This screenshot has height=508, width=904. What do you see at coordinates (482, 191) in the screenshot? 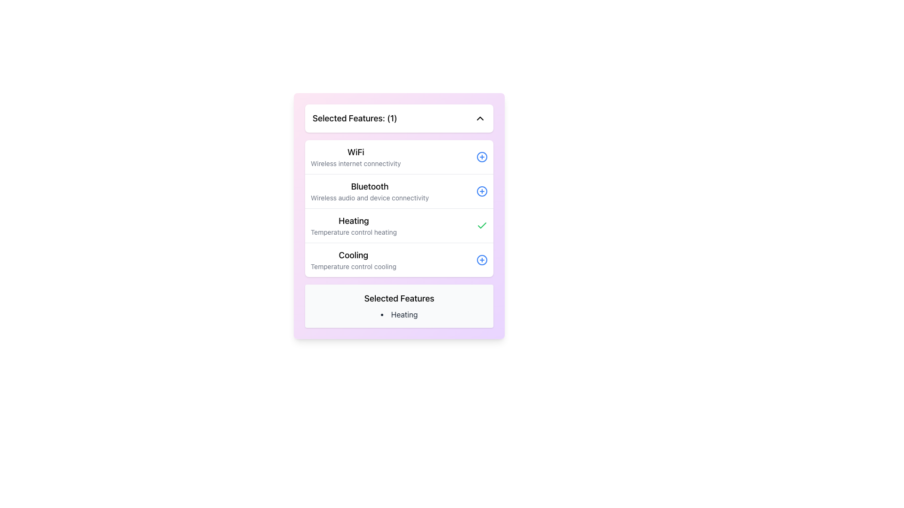
I see `the circular graphic element located in the Bluetooth feature row towards the right side of the card` at bounding box center [482, 191].